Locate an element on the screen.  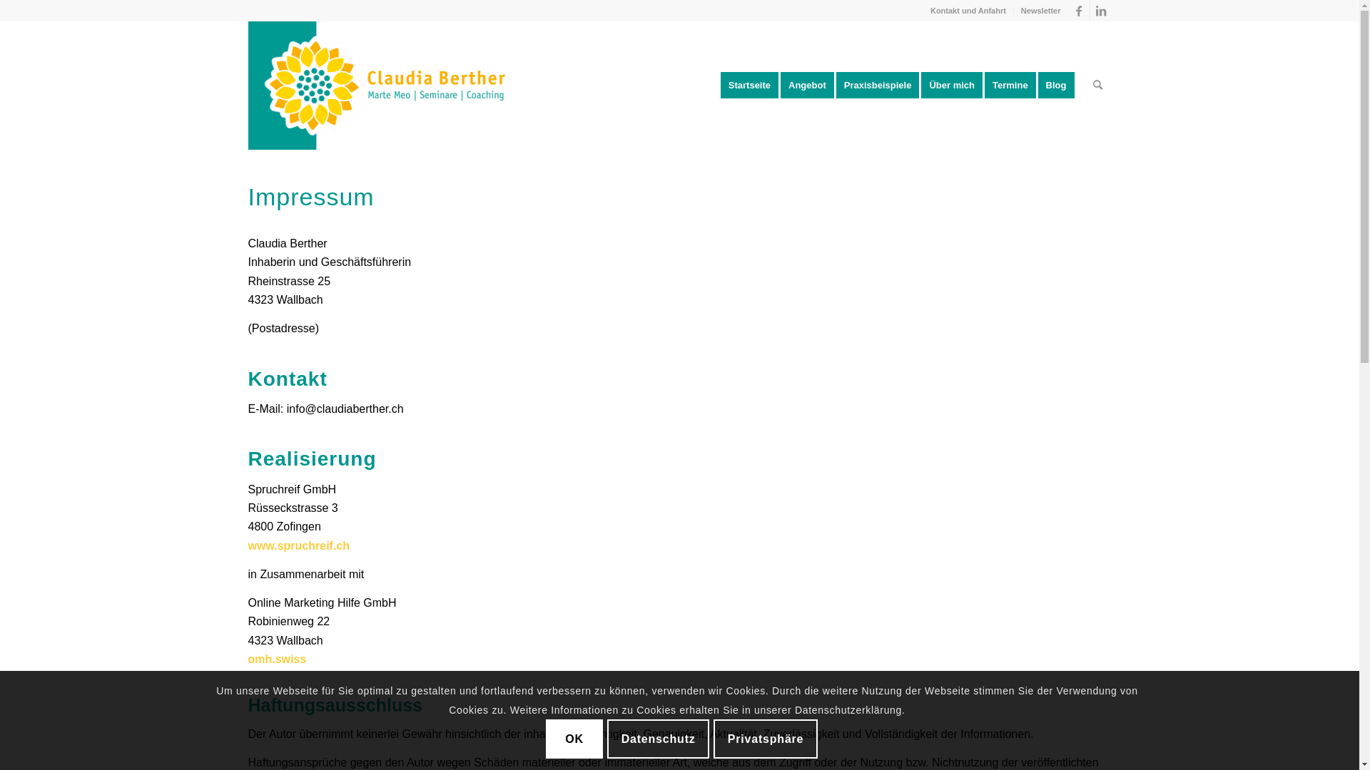
'www.spruchreif.ch' is located at coordinates (298, 545).